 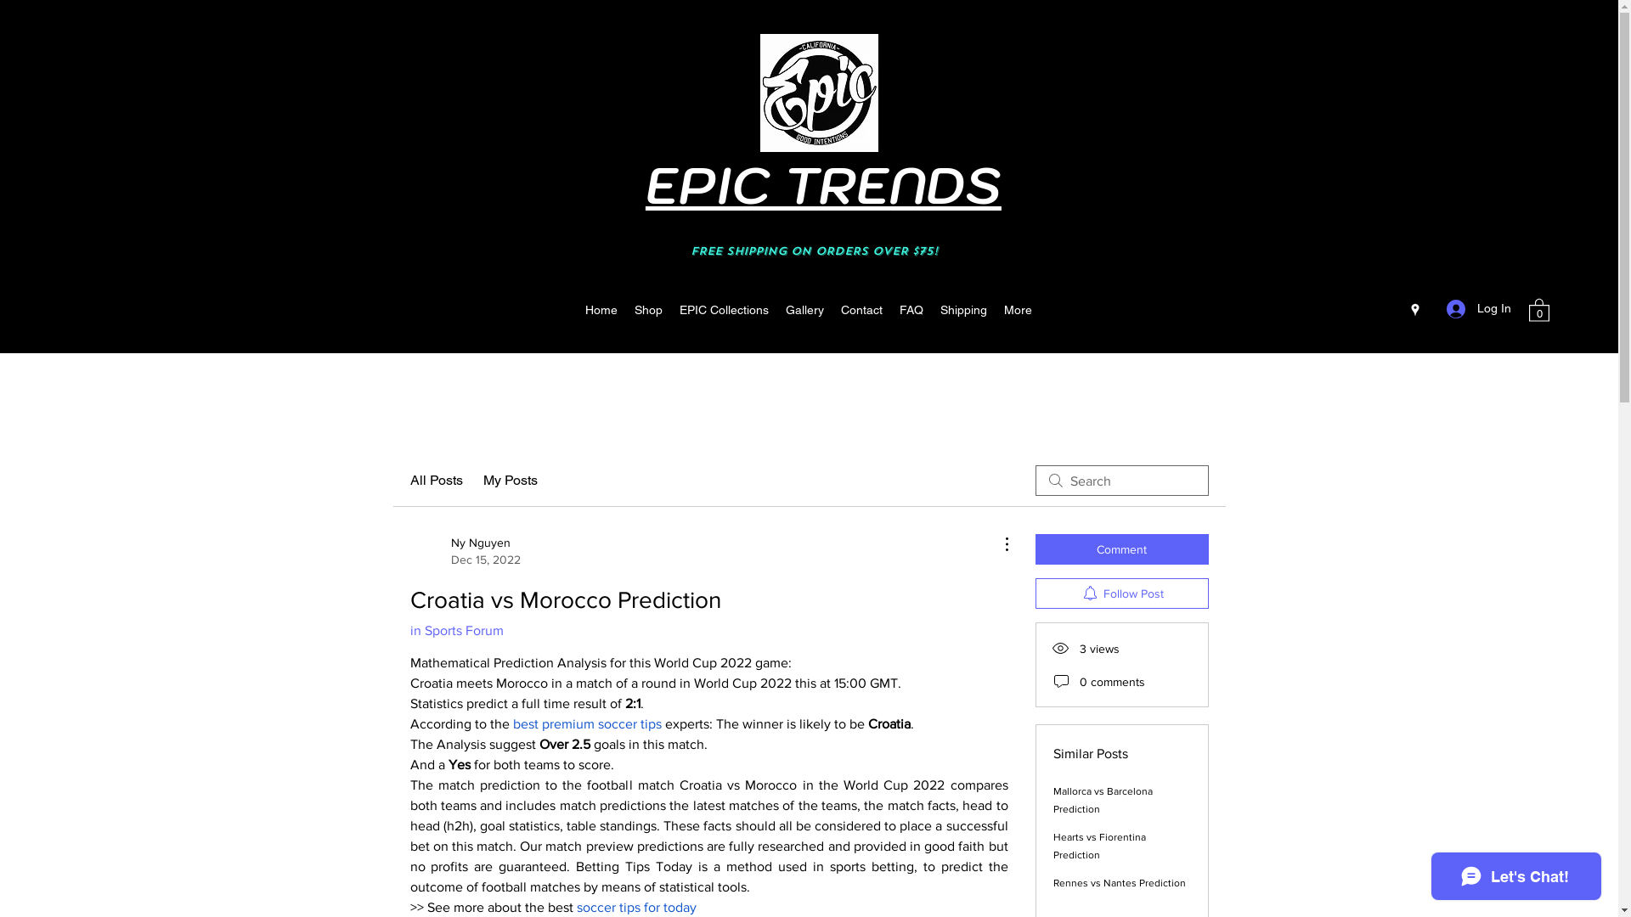 What do you see at coordinates (1103, 800) in the screenshot?
I see `'Mallorca vs Barcelona Prediction'` at bounding box center [1103, 800].